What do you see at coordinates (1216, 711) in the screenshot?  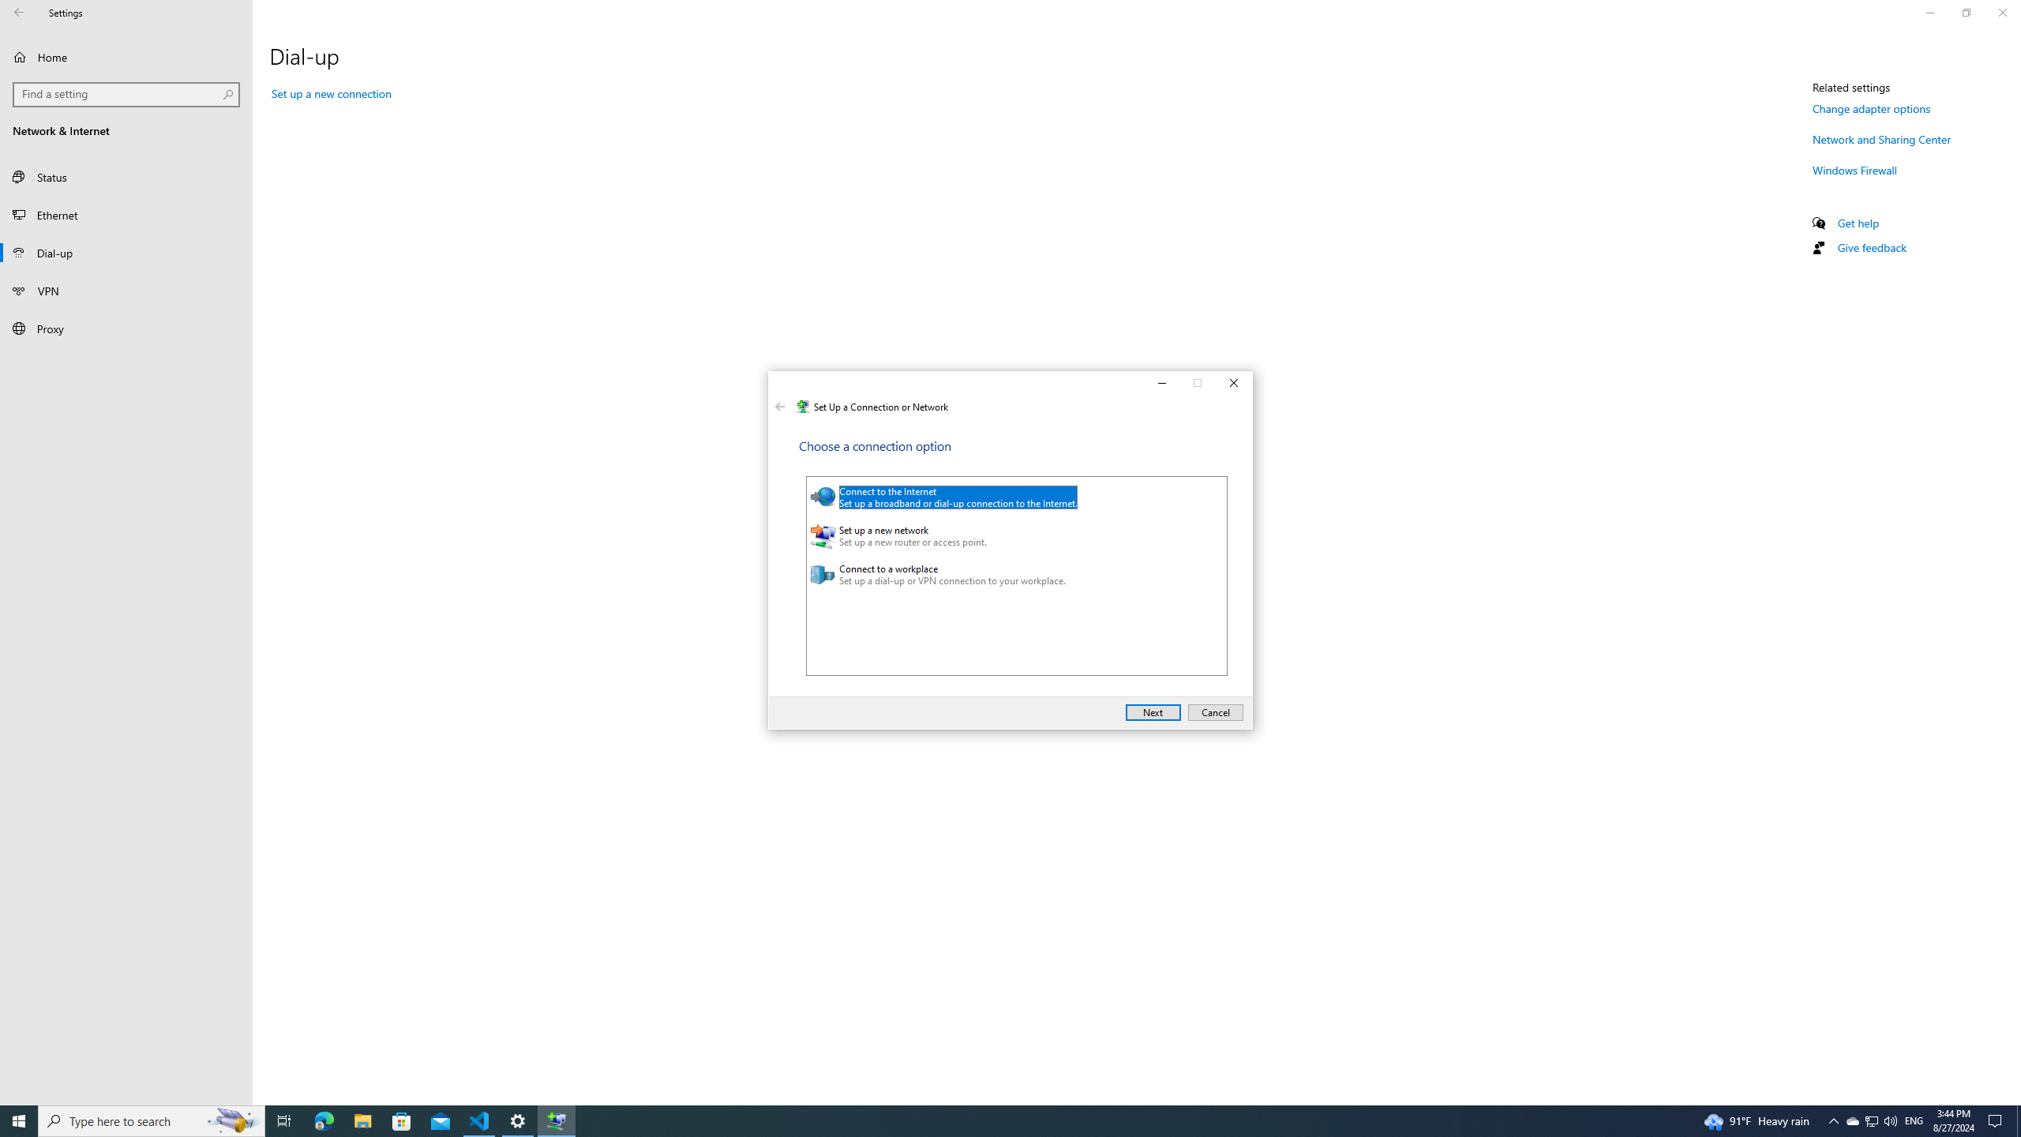 I see `'Cancel'` at bounding box center [1216, 711].